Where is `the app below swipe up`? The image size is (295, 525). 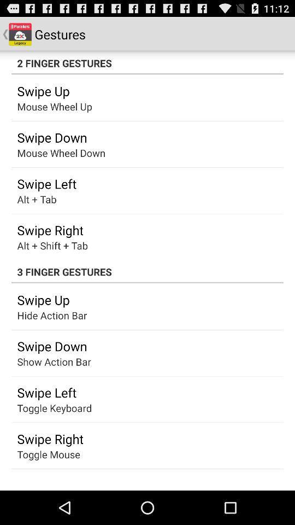 the app below swipe up is located at coordinates (45, 315).